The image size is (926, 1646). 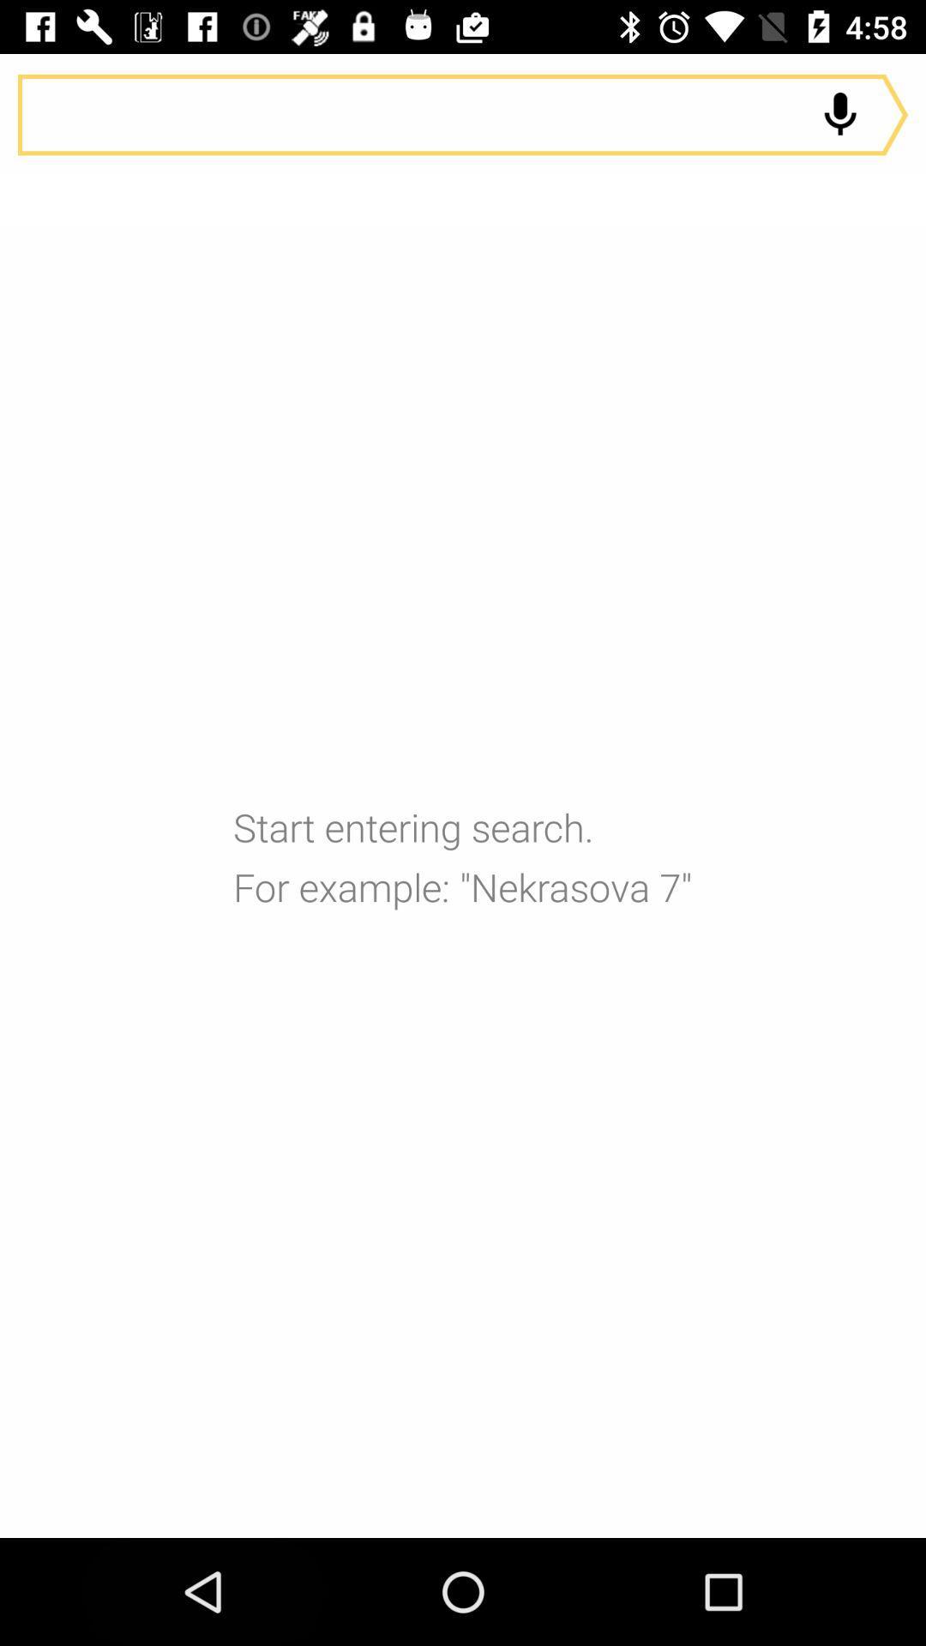 I want to click on speak a command, so click(x=463, y=114).